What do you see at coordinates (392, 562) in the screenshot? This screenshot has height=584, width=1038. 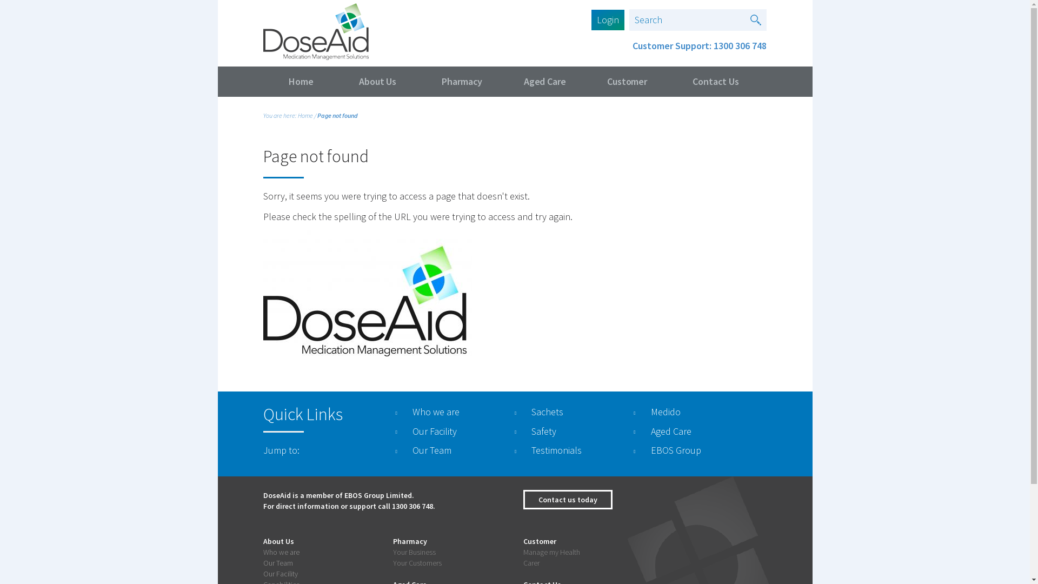 I see `'Your Customers'` at bounding box center [392, 562].